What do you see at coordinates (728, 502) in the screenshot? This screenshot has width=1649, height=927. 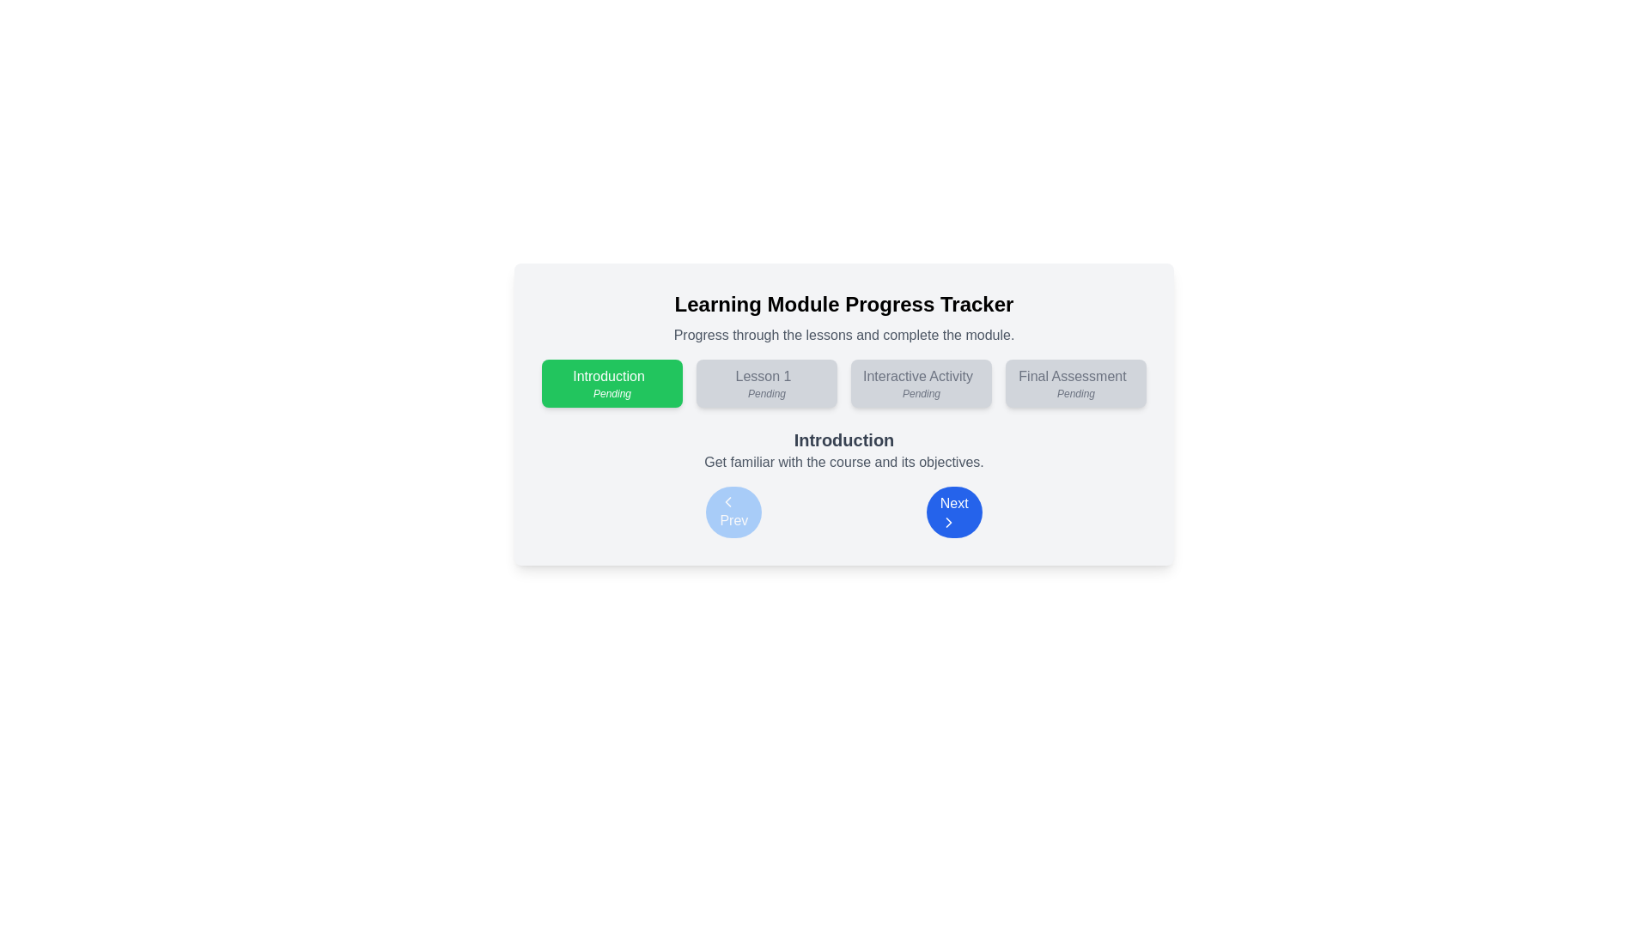 I see `the left-pointing chevron icon within the 'Prev' button located at the bottom left corner of the main interactive area` at bounding box center [728, 502].